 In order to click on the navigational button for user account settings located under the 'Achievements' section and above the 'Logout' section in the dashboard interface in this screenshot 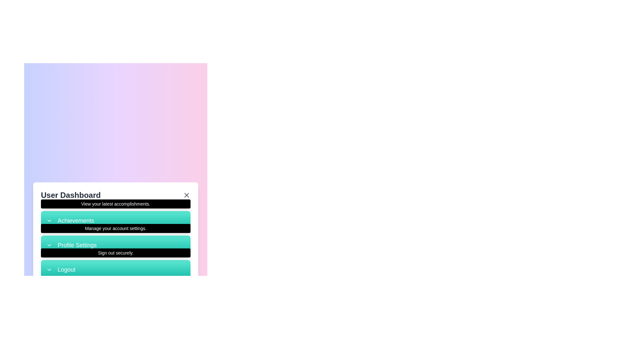, I will do `click(116, 237)`.